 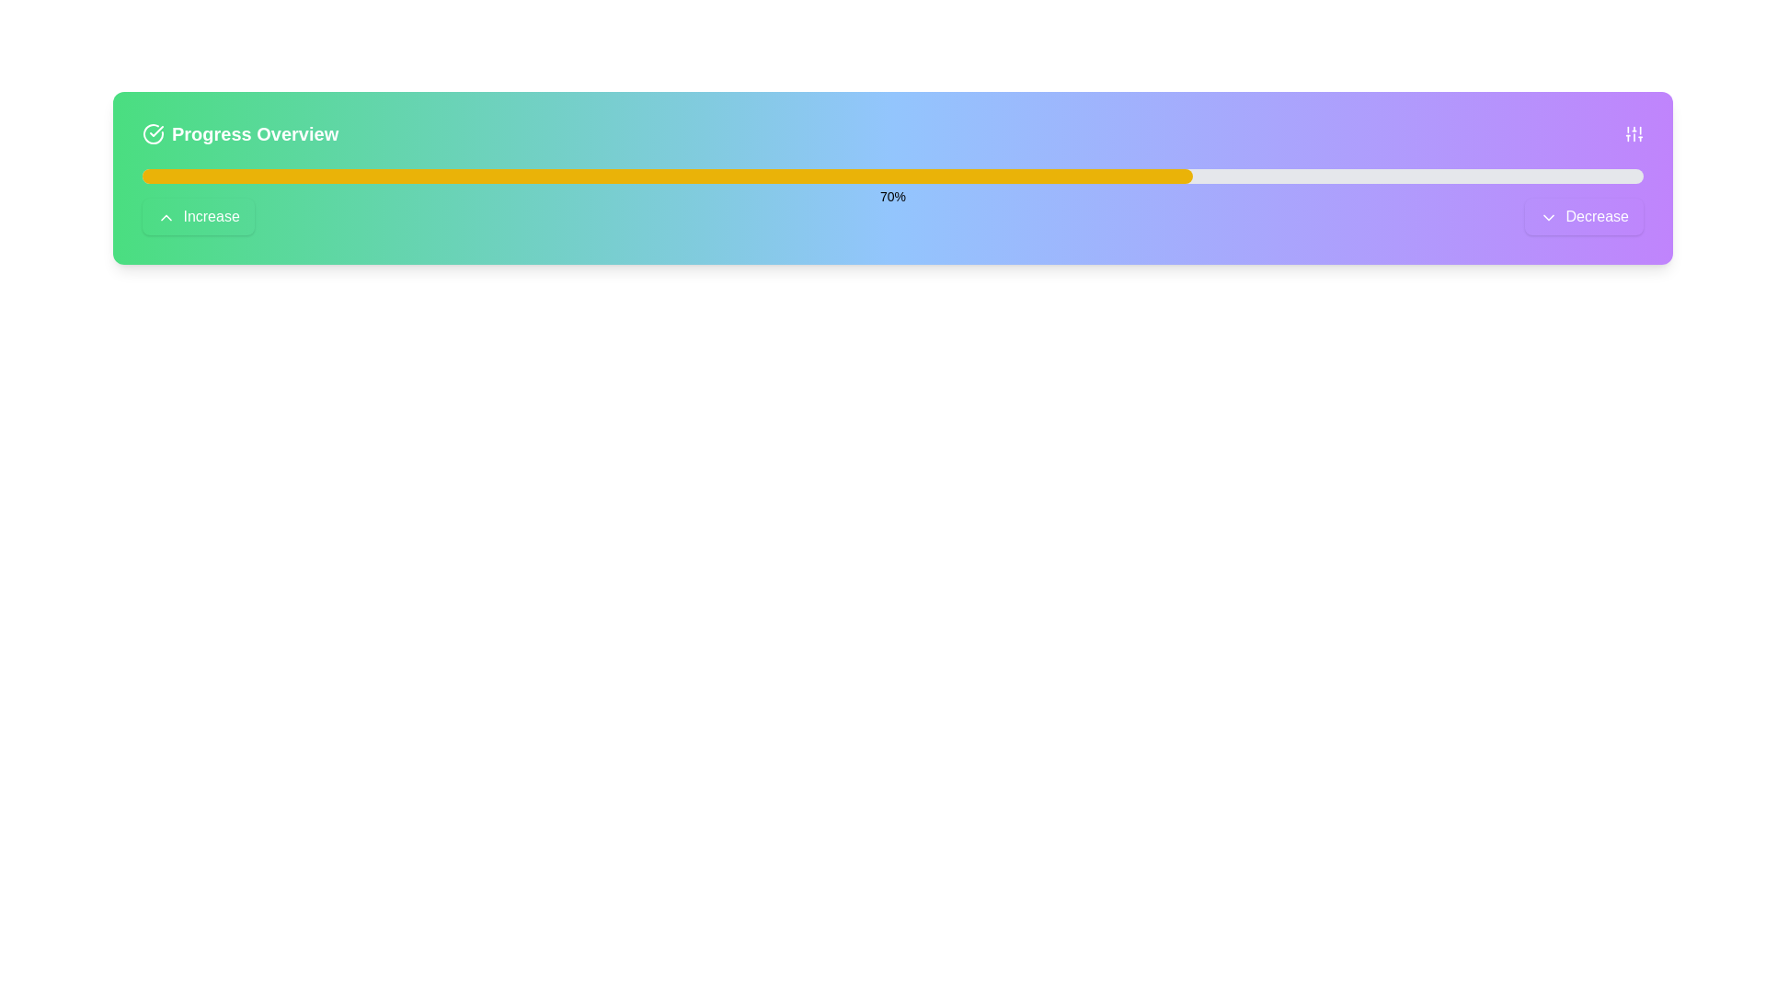 I want to click on the Text Label displaying '70%' that is located directly below the center of the horizontal progress bar, so click(x=892, y=196).